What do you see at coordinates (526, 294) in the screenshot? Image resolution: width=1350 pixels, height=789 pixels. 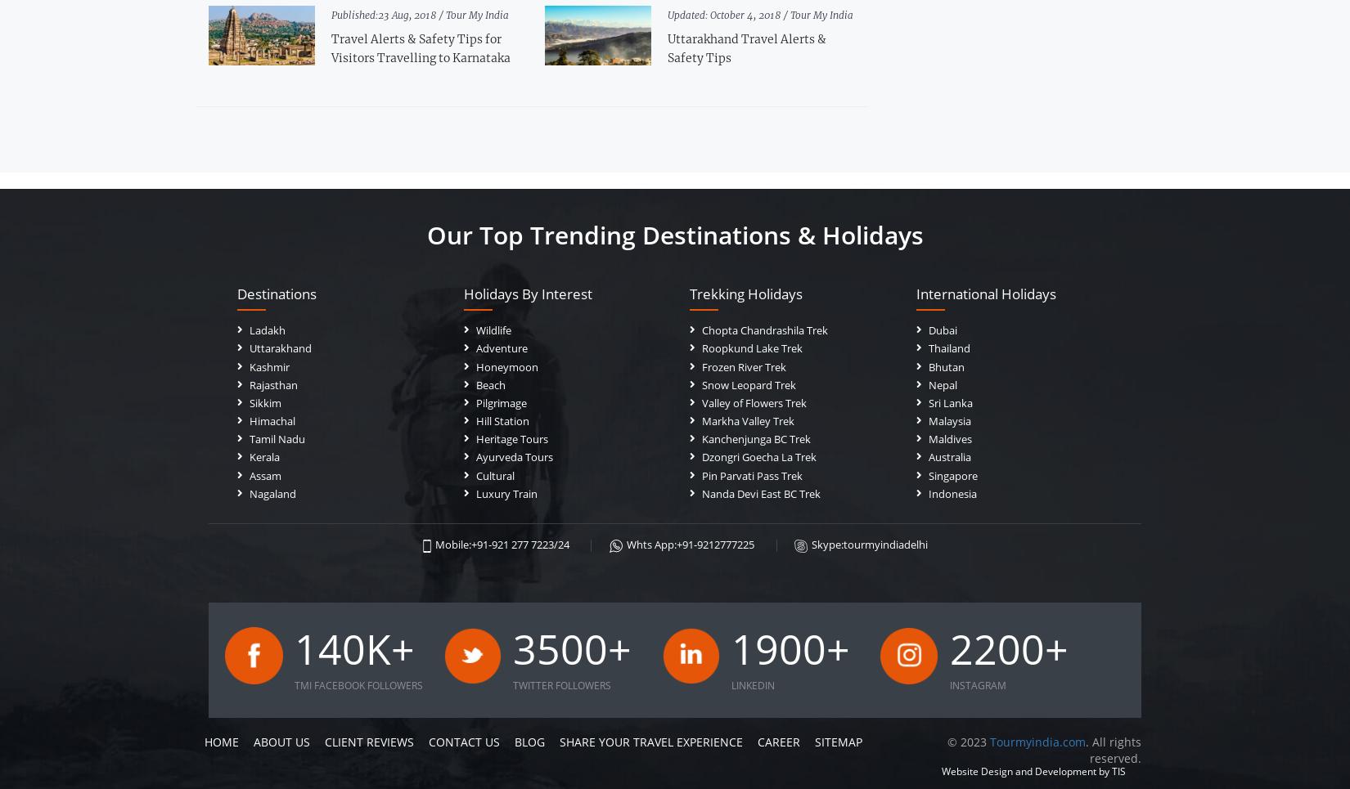 I see `'Holidays by Interest'` at bounding box center [526, 294].